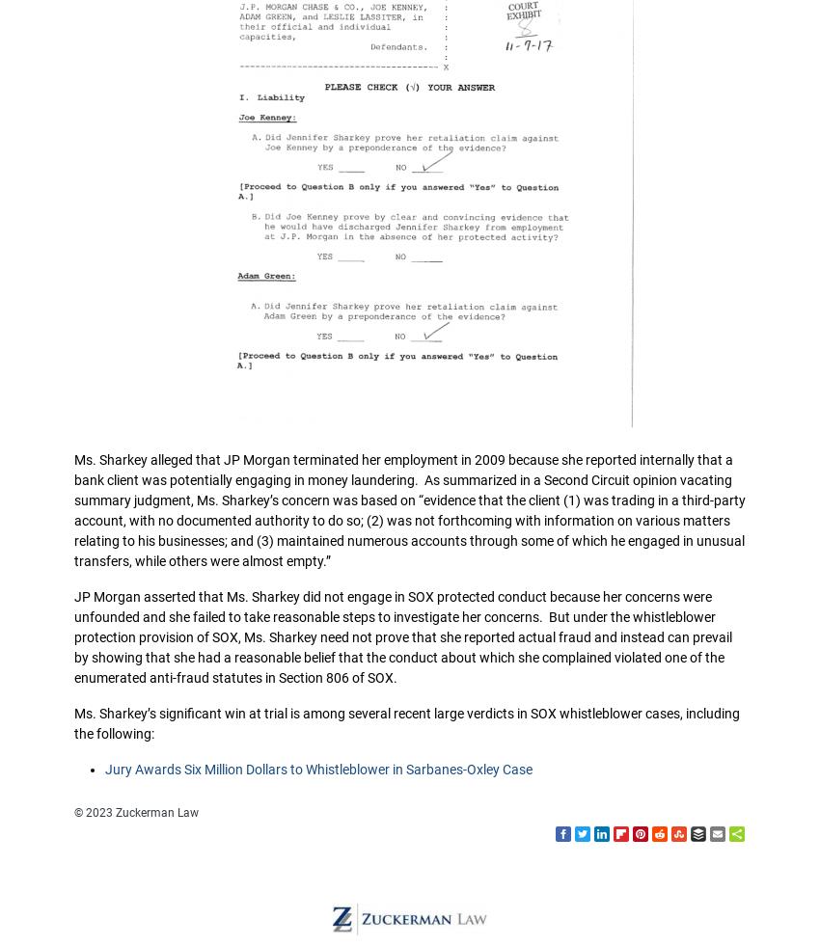 The image size is (820, 946). What do you see at coordinates (358, 63) in the screenshot?
I see `'Health Care Law'` at bounding box center [358, 63].